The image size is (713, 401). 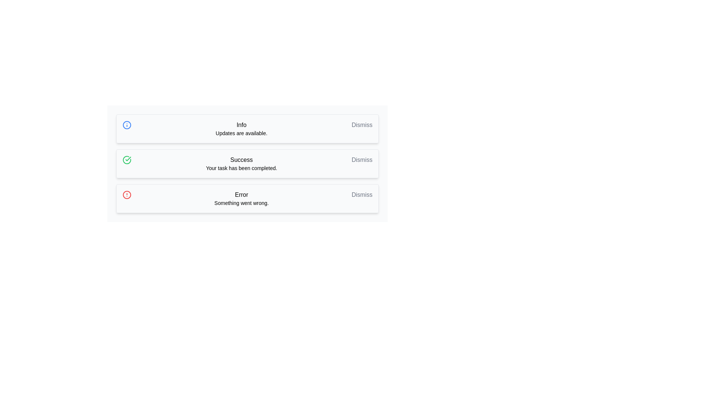 What do you see at coordinates (241, 198) in the screenshot?
I see `the text block that informs the user about an error condition, located in the third notification card, positioned under the circular icon and to the left of the 'Dismiss' button` at bounding box center [241, 198].